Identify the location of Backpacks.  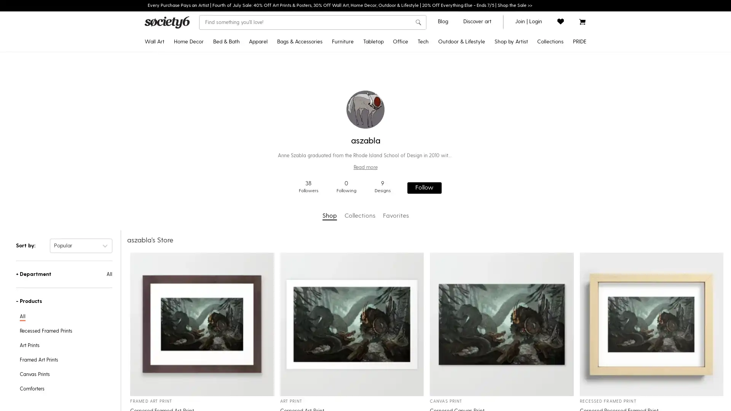
(305, 85).